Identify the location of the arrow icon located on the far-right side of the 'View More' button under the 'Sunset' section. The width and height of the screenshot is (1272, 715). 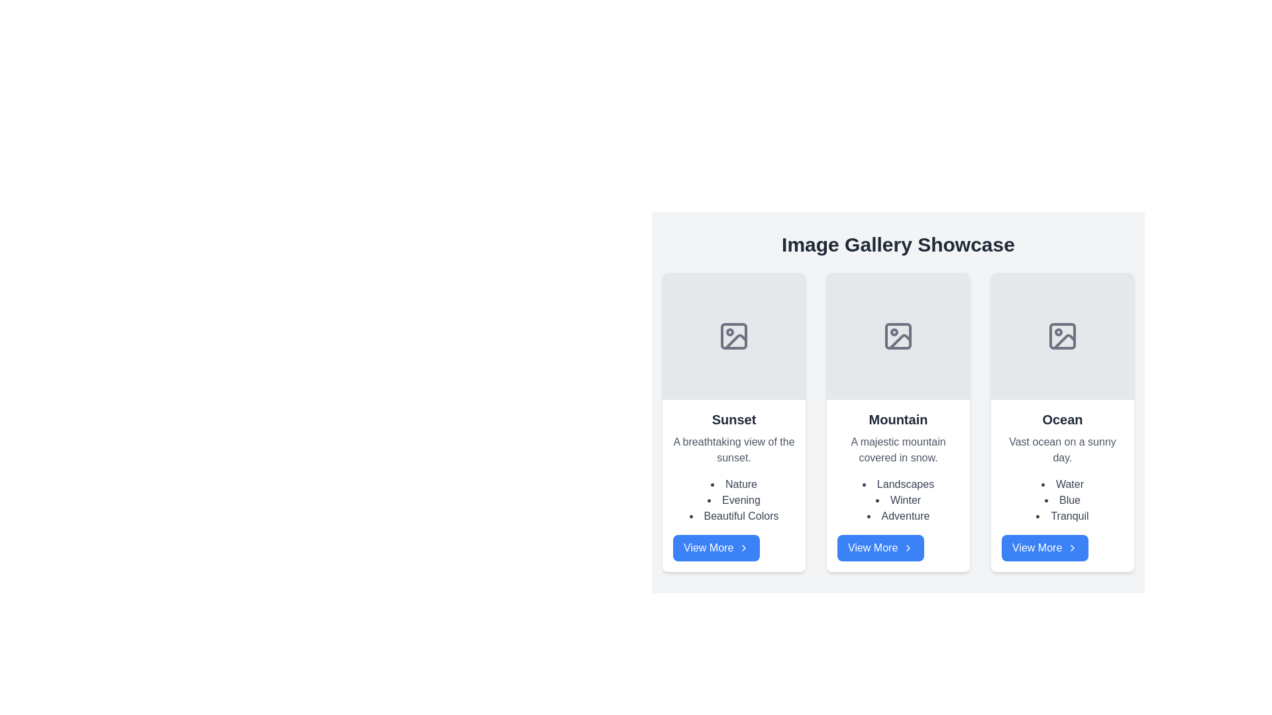
(744, 548).